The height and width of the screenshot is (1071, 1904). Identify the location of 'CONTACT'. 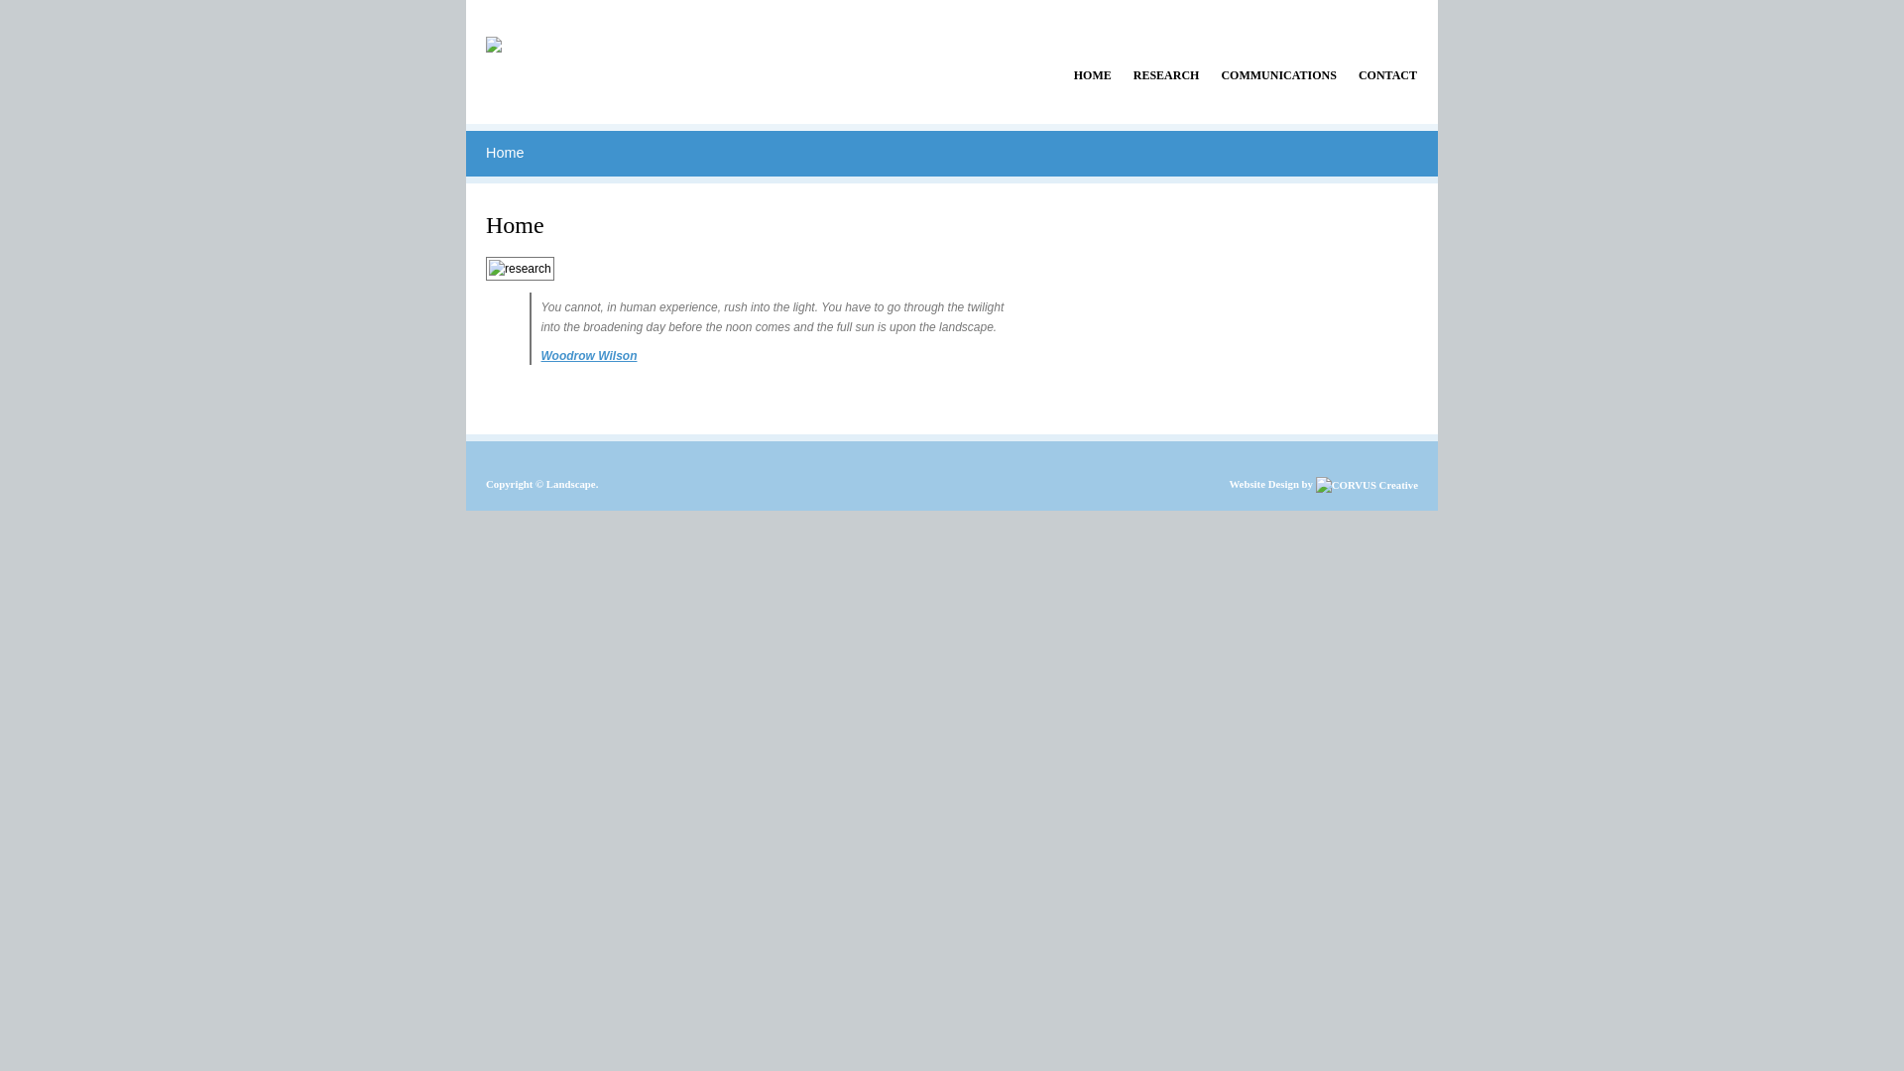
(1386, 74).